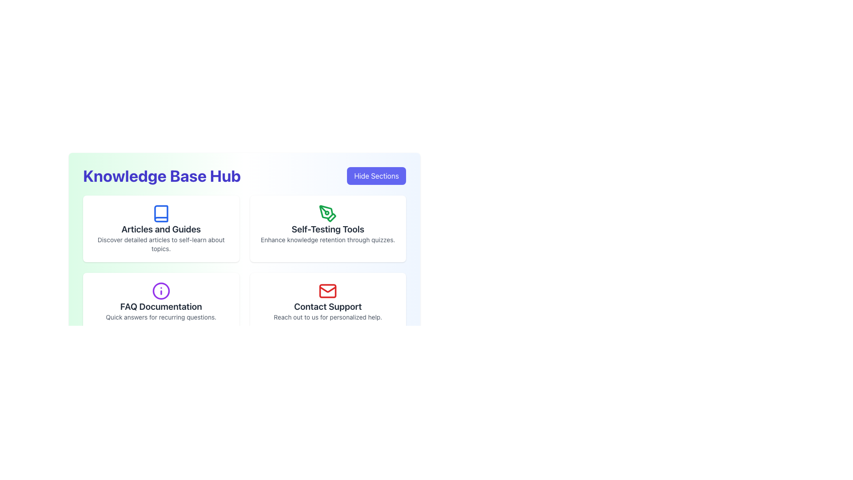 This screenshot has width=853, height=480. I want to click on the purple button with bold white text reading 'Hide Sections' located in the top-right corner of the interface, so click(376, 176).